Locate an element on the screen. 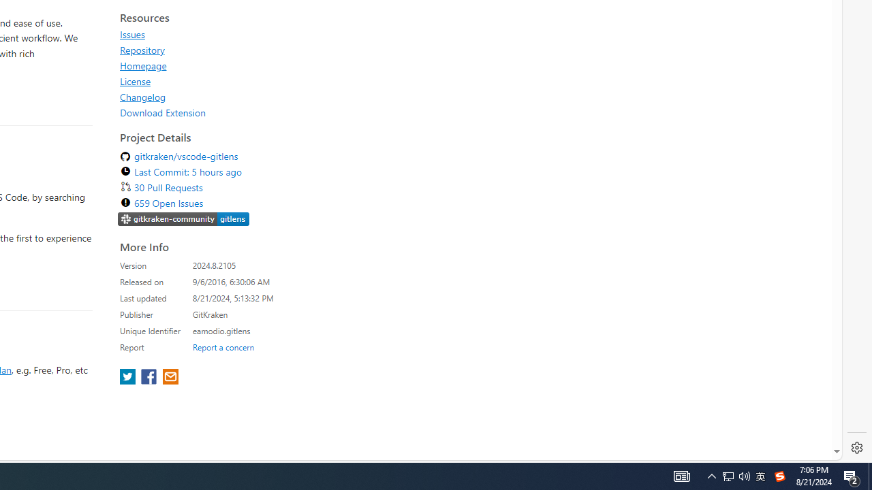 The height and width of the screenshot is (490, 872). 'https://slack.gitkraken.com//' is located at coordinates (183, 218).